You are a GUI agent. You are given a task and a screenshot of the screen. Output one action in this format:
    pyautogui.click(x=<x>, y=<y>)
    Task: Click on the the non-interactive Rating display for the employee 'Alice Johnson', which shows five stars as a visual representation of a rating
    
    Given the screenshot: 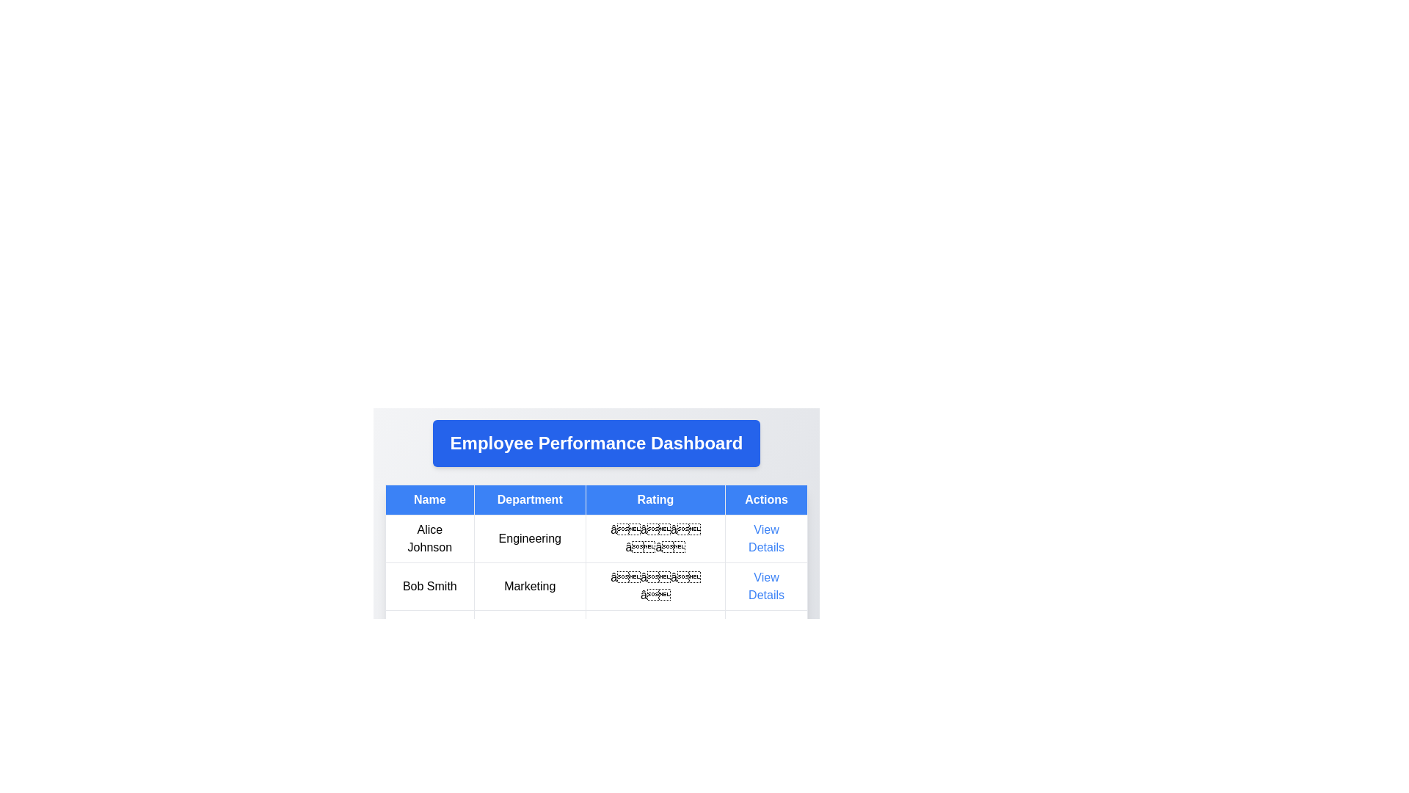 What is the action you would take?
    pyautogui.click(x=655, y=538)
    